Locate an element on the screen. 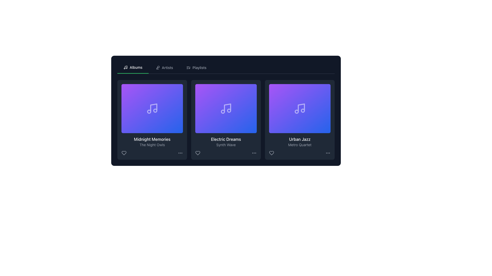 The height and width of the screenshot is (276, 492). the 'Artists' navigation tab, which features a text label and a microphone-like icon is located at coordinates (164, 67).